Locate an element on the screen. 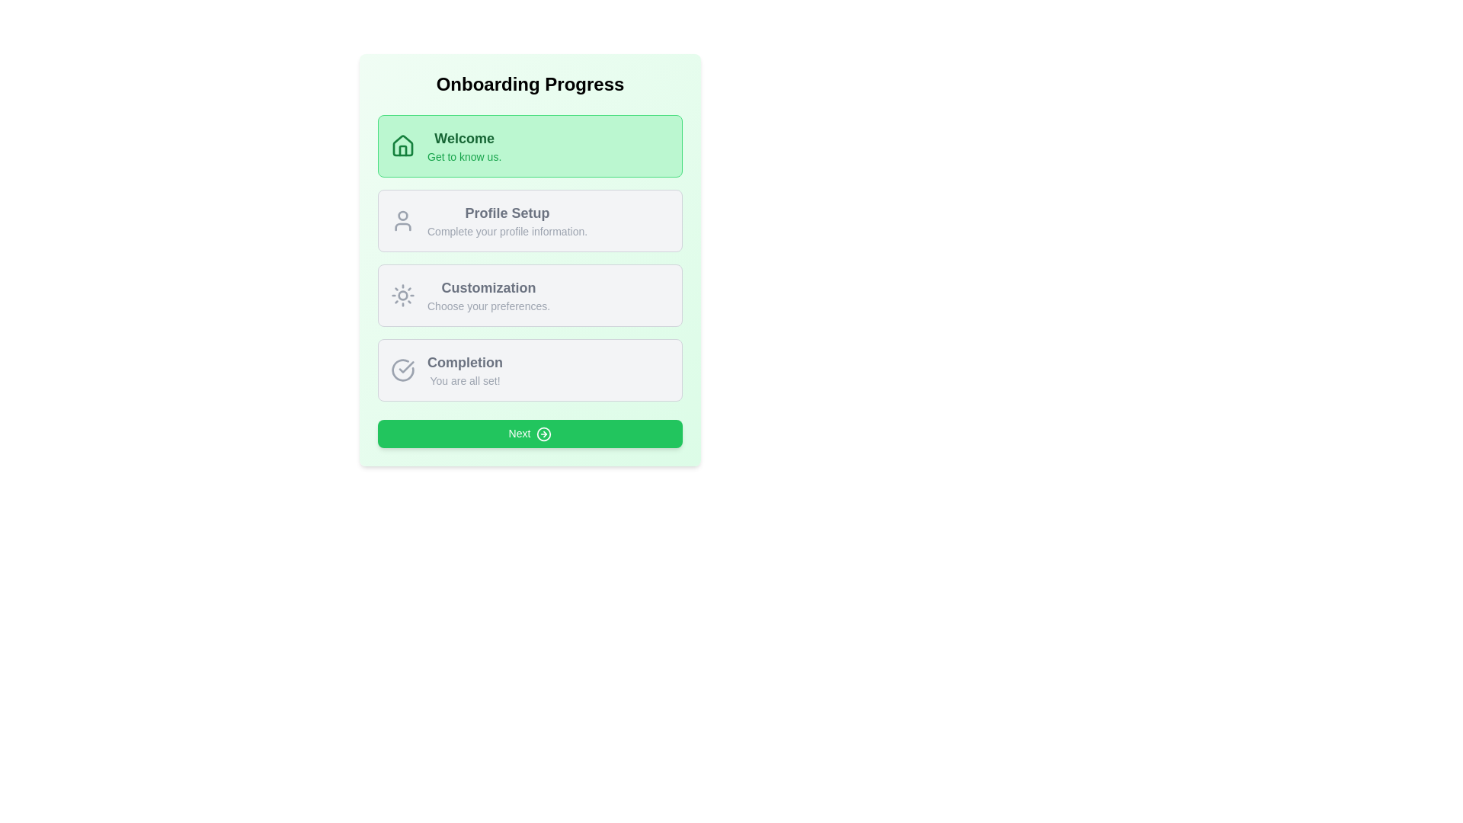  the house-shaped icon with bold green outlines located in the 'Welcome' section of the onboarding interface is located at coordinates (402, 146).